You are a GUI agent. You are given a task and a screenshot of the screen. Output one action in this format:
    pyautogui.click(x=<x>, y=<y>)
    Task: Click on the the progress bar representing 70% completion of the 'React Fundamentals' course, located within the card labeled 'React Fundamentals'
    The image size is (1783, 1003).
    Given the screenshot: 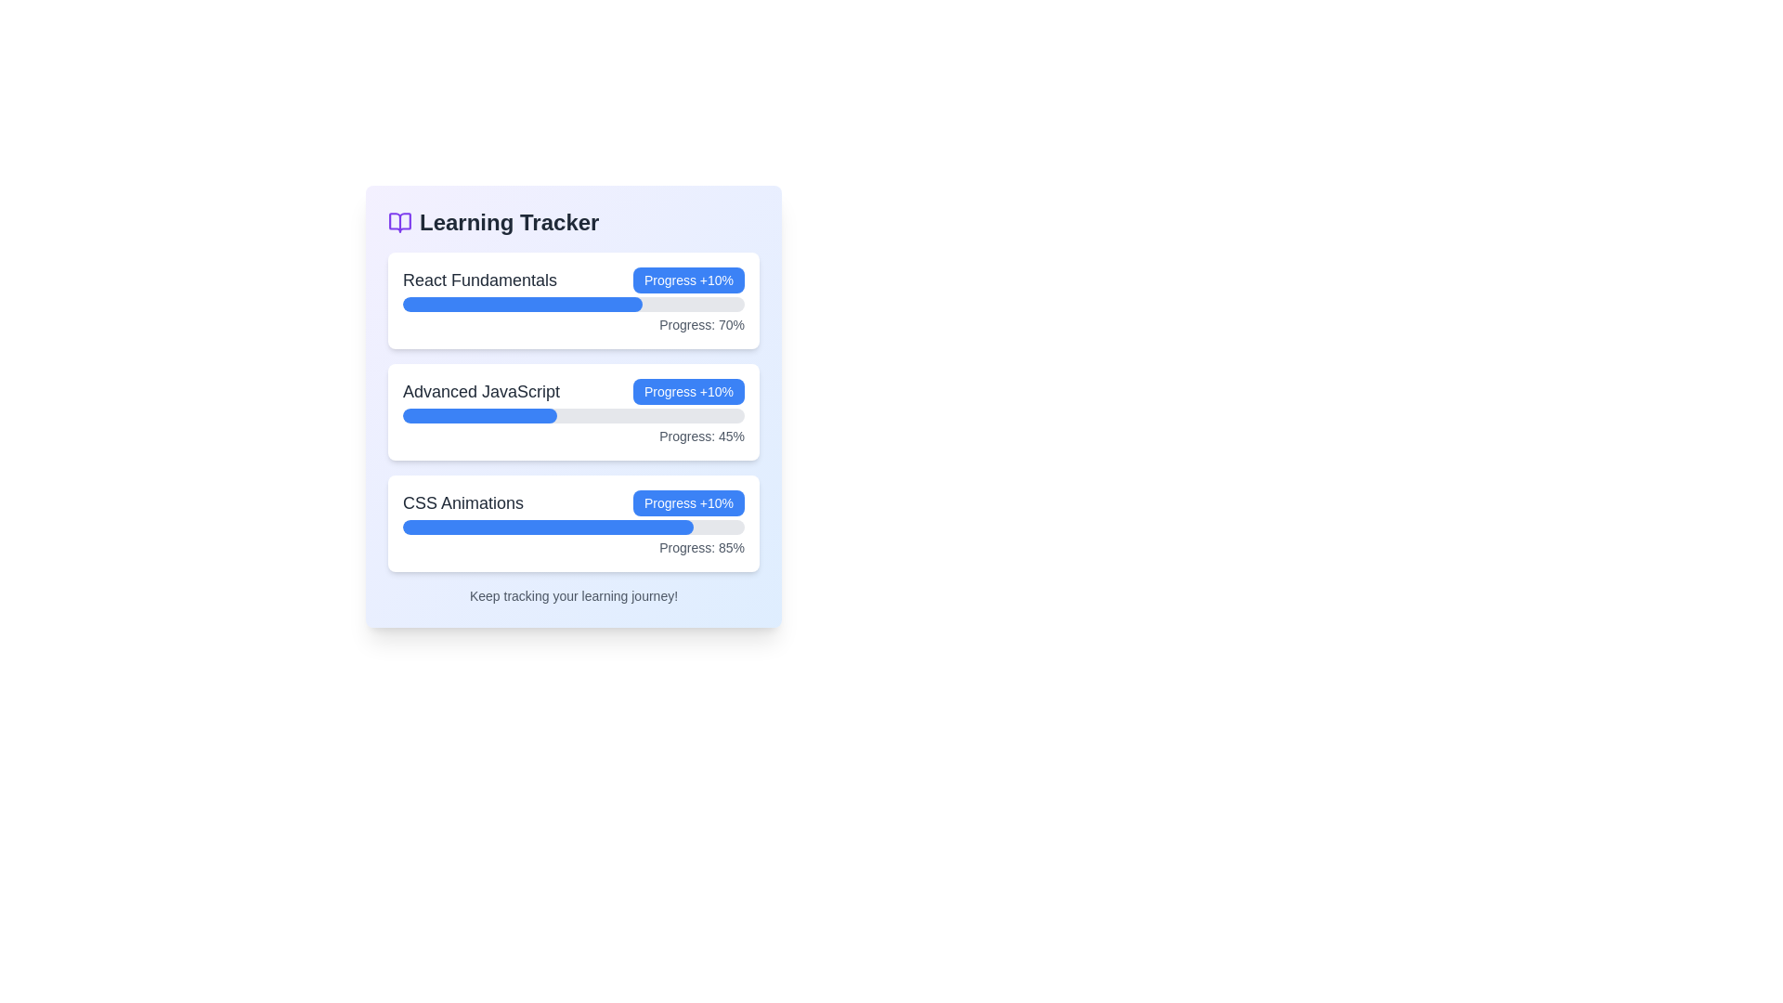 What is the action you would take?
    pyautogui.click(x=573, y=303)
    